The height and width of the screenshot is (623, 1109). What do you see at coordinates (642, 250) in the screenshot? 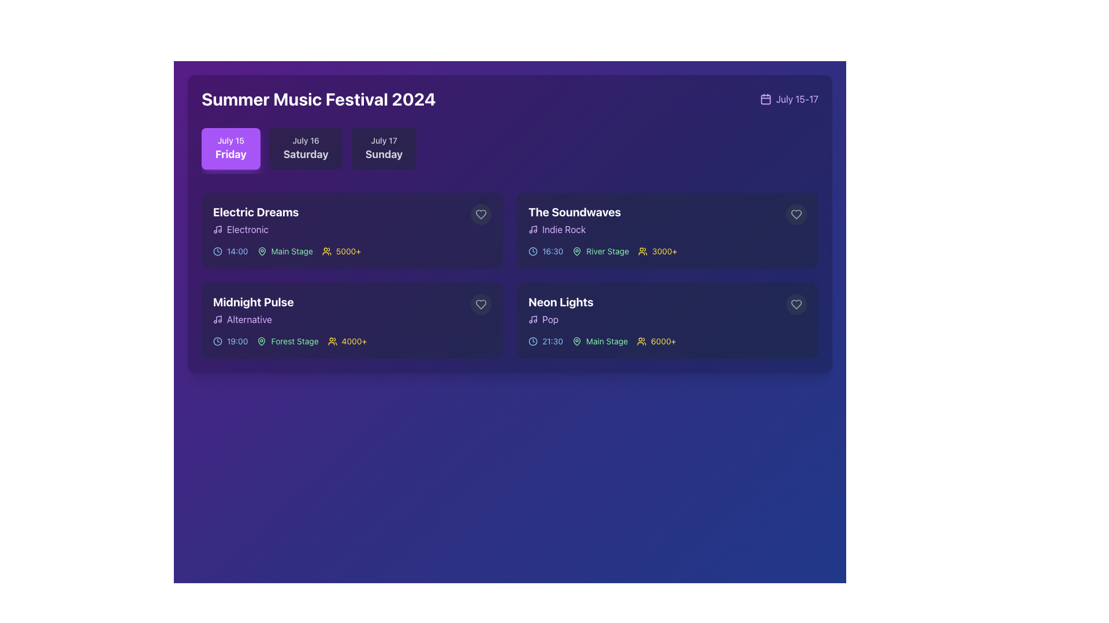
I see `the icon representing the audience count for the event labeled 'The Soundwaves', which is located directly to the left of the '3000+' text` at bounding box center [642, 250].